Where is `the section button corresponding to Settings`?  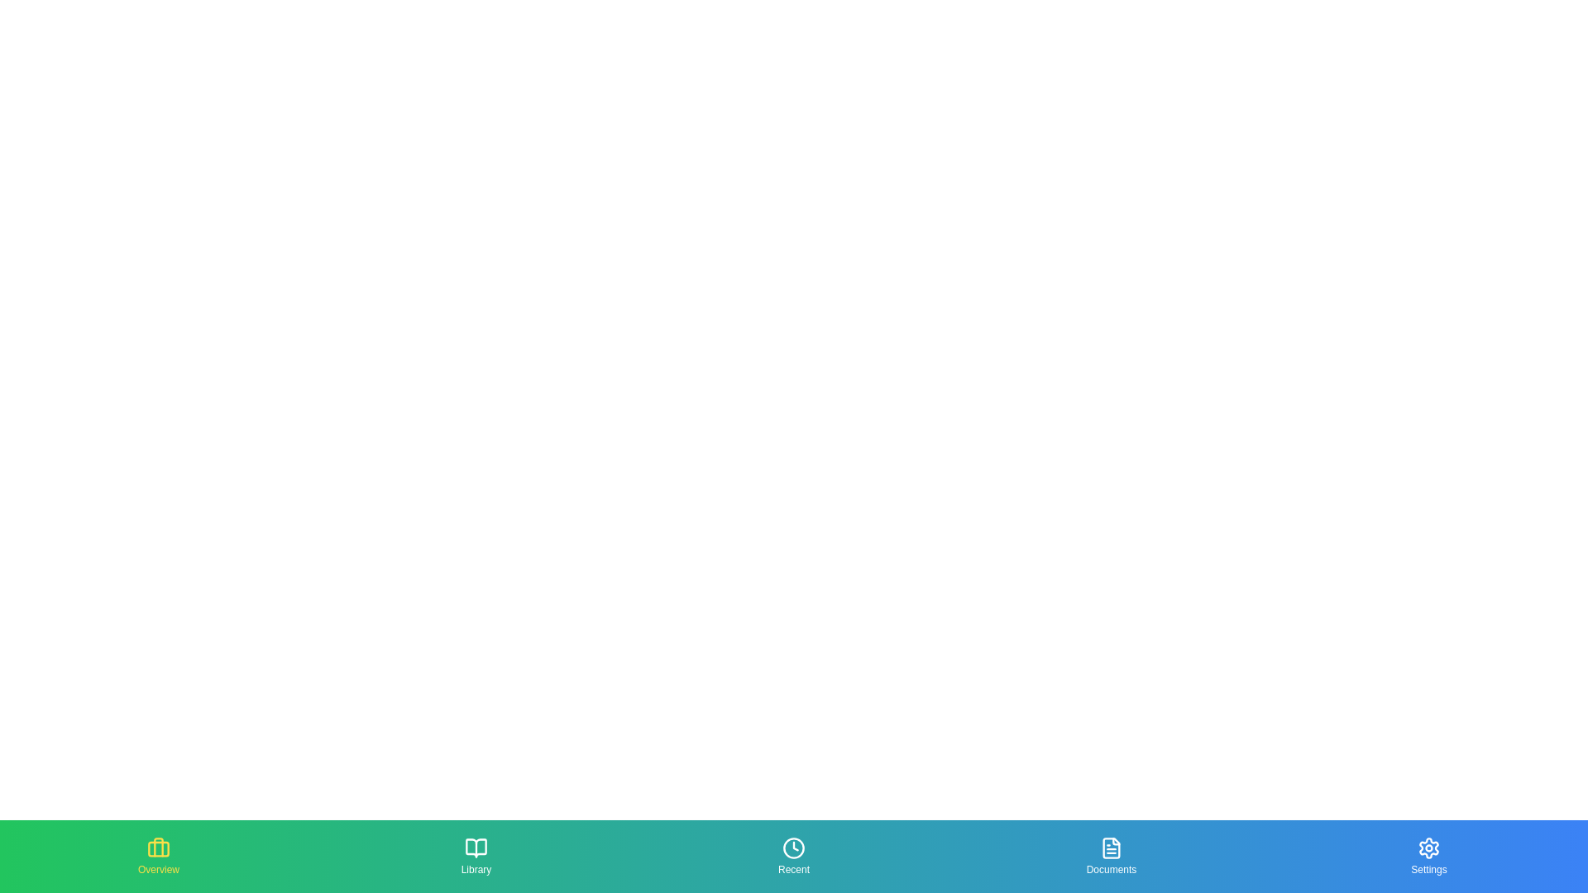
the section button corresponding to Settings is located at coordinates (1428, 856).